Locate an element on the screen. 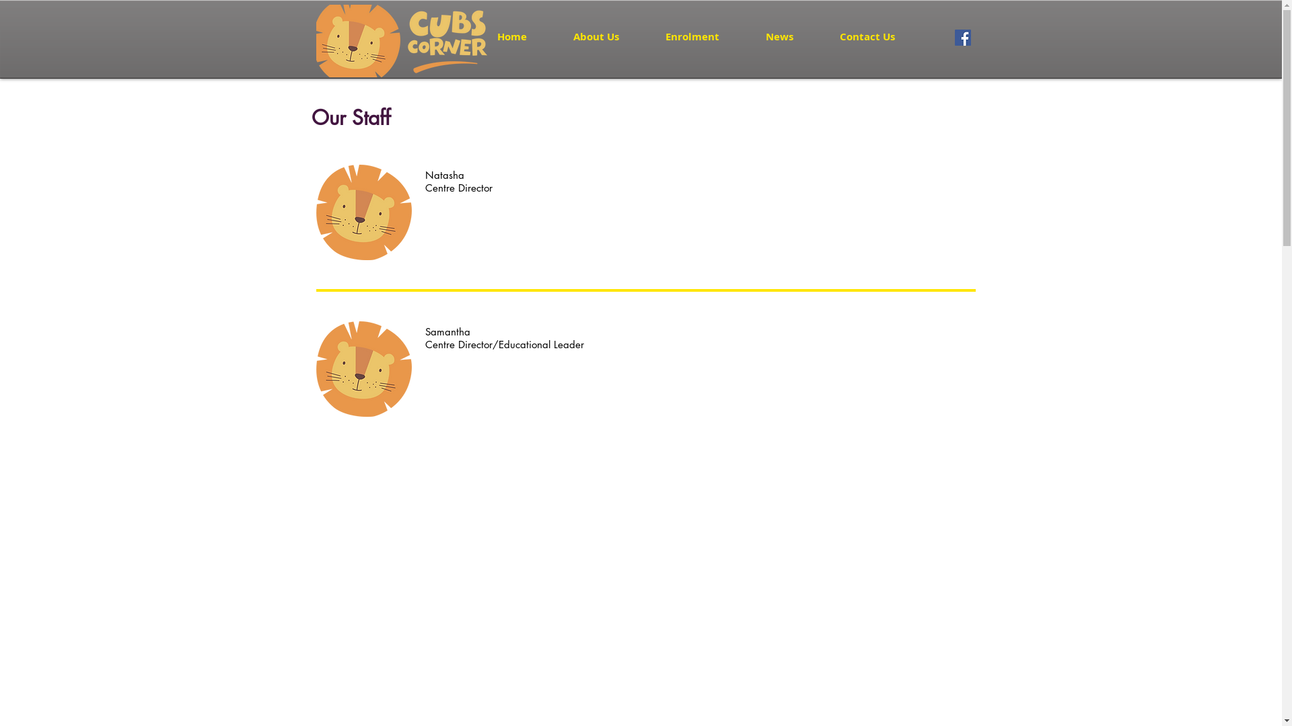 This screenshot has width=1292, height=726. 'Enrolment' is located at coordinates (705, 36).